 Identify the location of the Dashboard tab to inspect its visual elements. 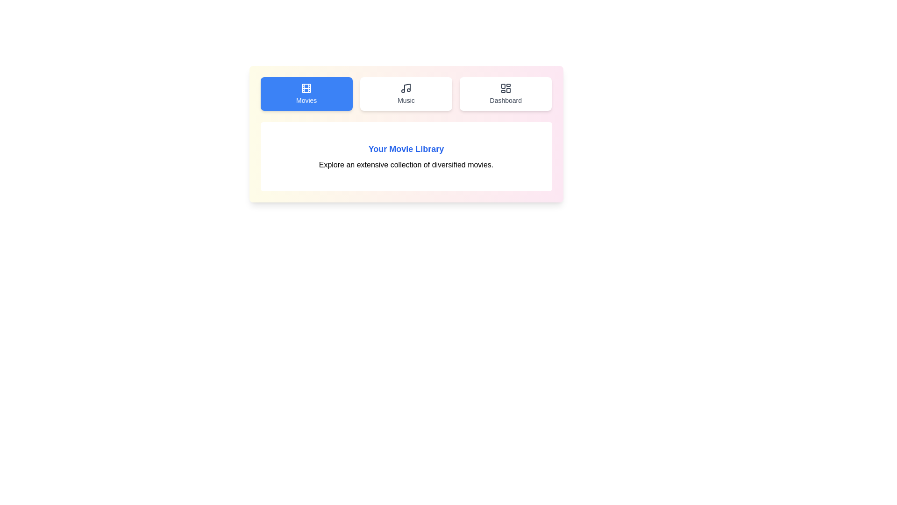
(505, 94).